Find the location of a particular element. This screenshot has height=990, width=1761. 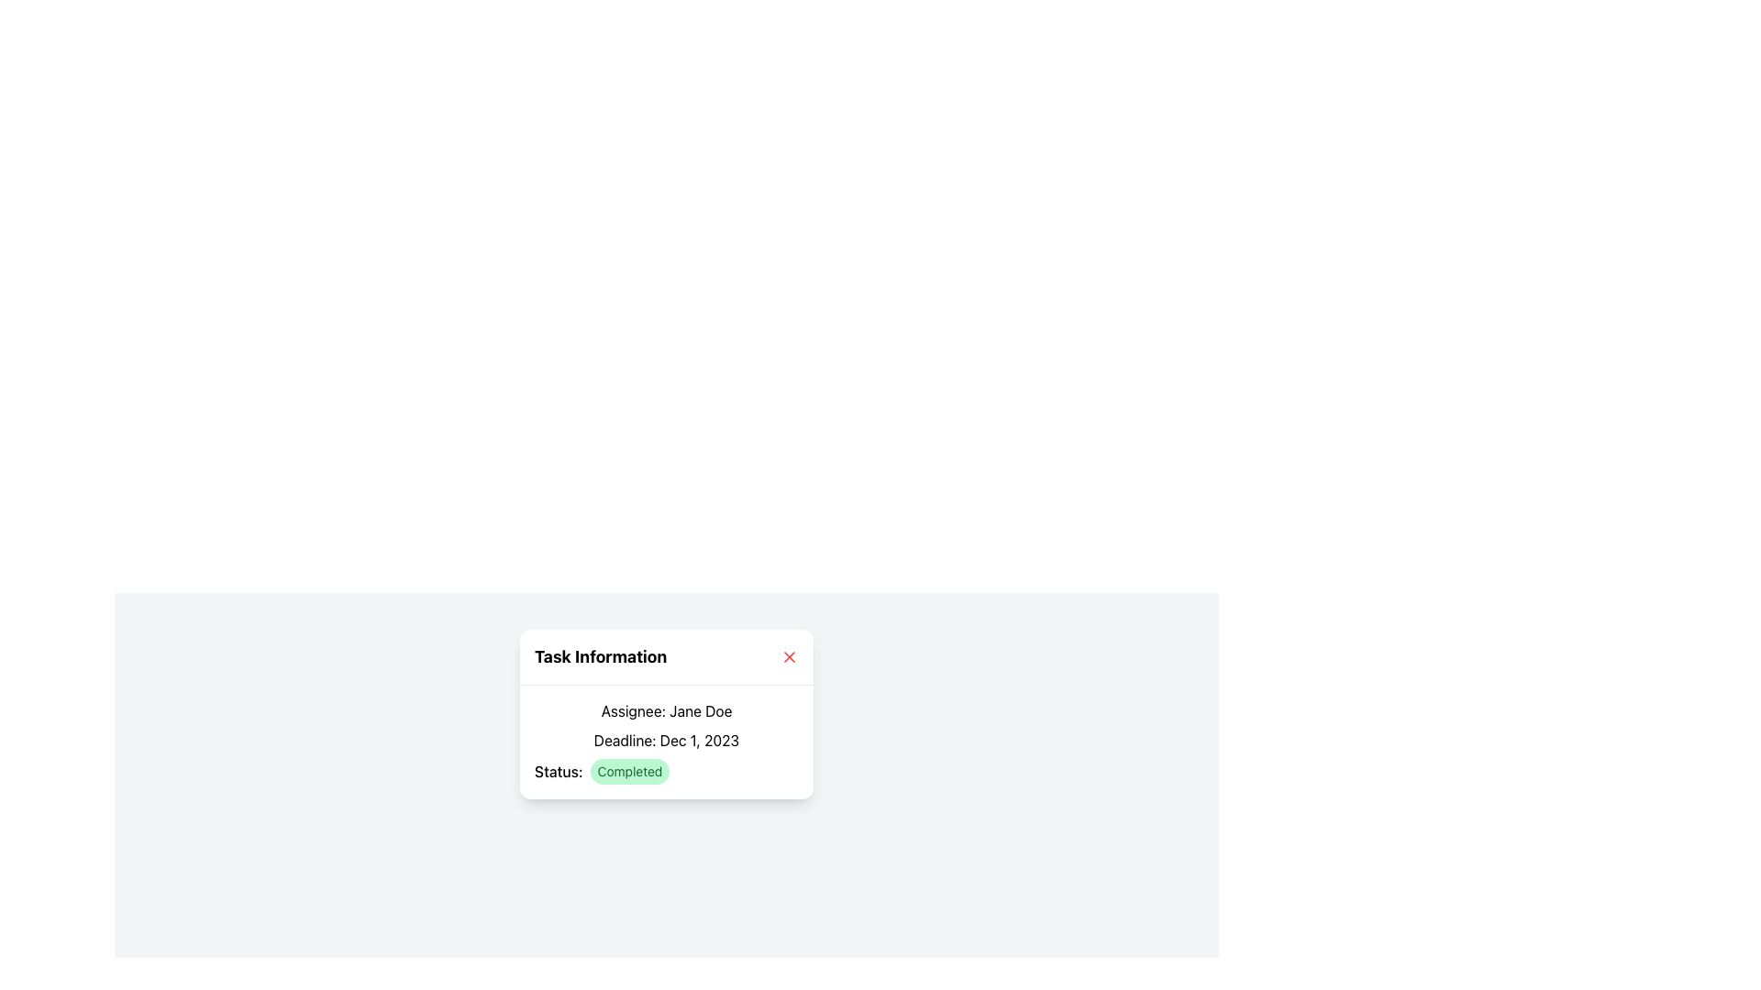

the 'Completed' label, which is a green, rounded rectangle located under the 'Status:' section in the 'Task Information' card is located at coordinates (629, 771).